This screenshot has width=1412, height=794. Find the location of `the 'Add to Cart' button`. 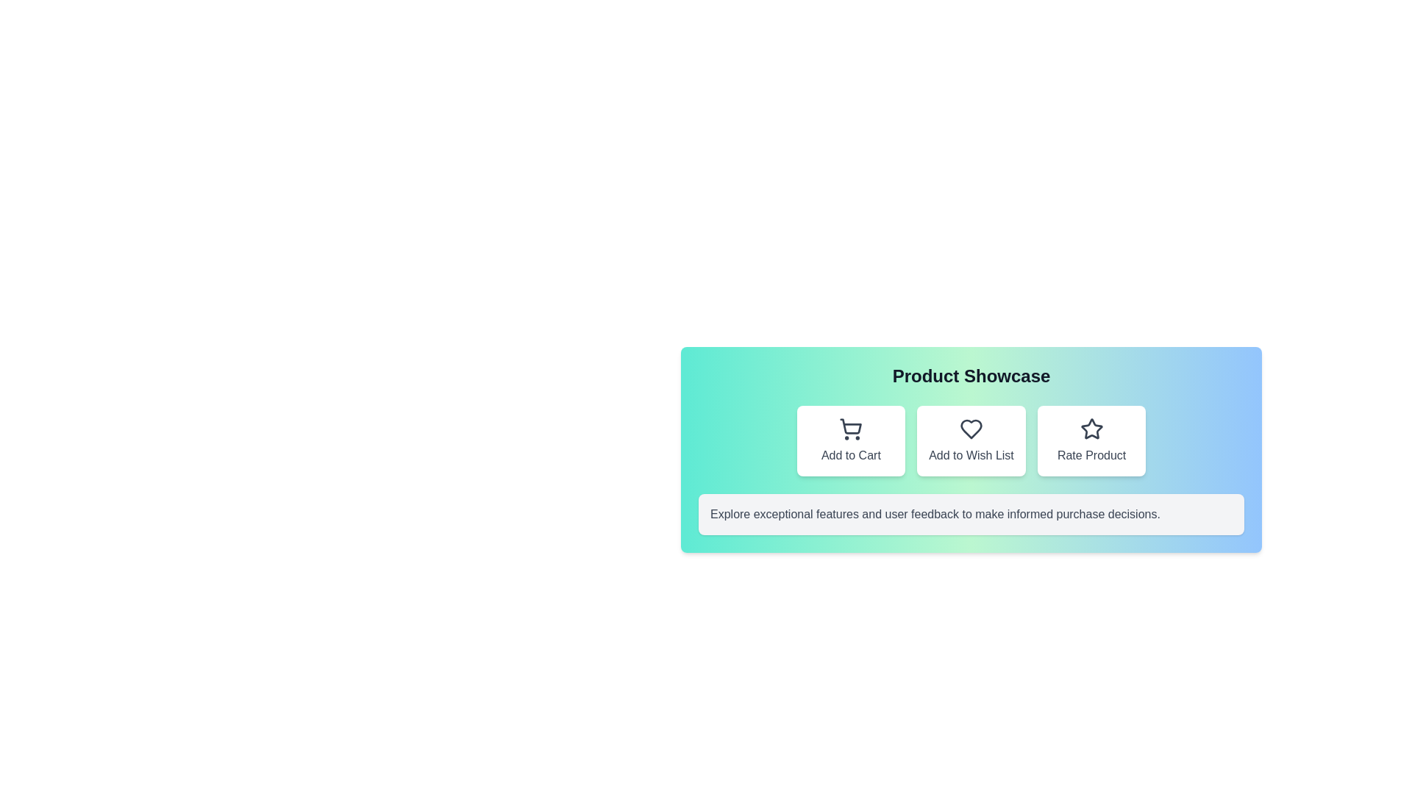

the 'Add to Cart' button is located at coordinates (851, 440).